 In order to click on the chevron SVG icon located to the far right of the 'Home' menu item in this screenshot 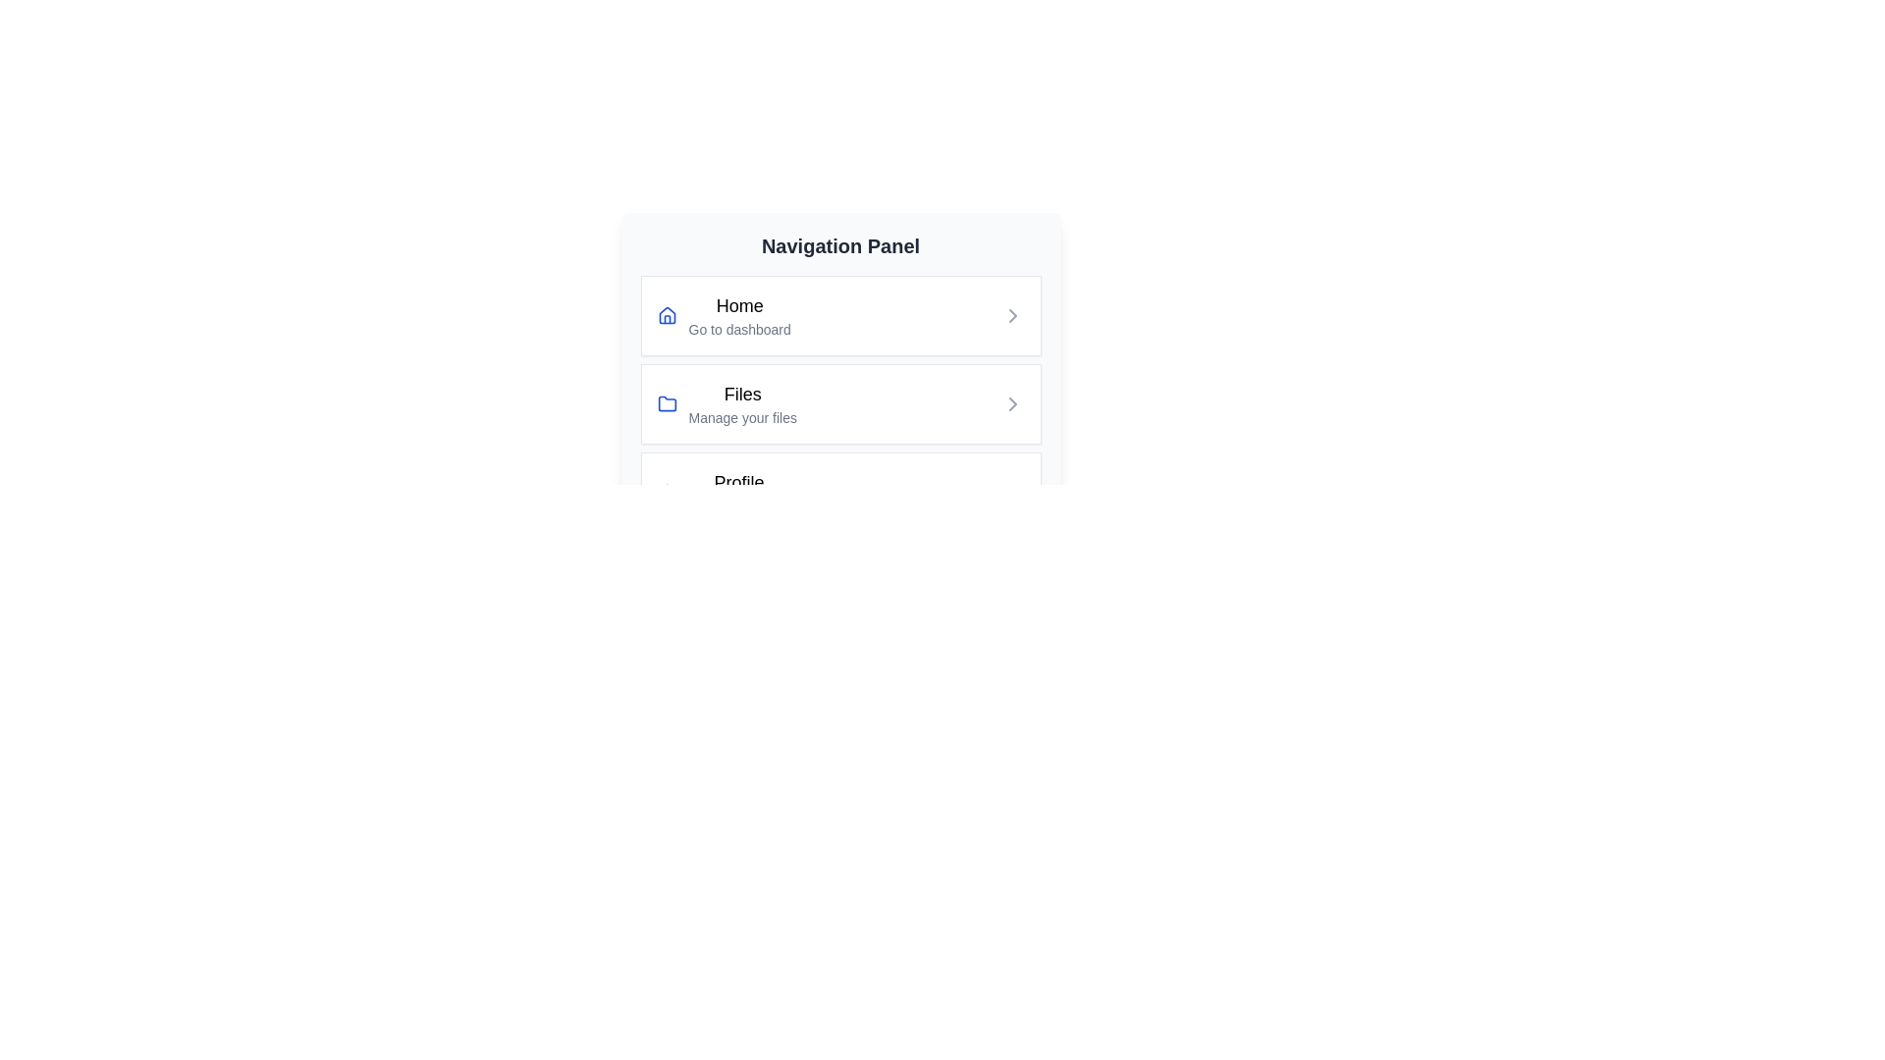, I will do `click(1012, 314)`.